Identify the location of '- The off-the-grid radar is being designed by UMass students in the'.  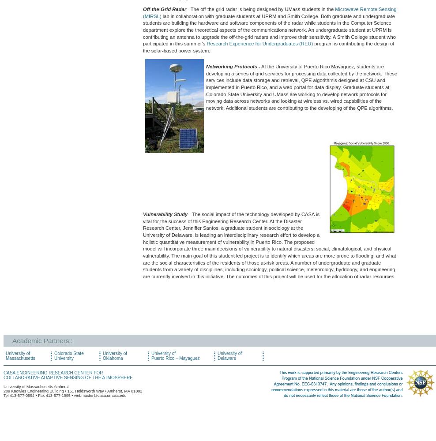
(187, 9).